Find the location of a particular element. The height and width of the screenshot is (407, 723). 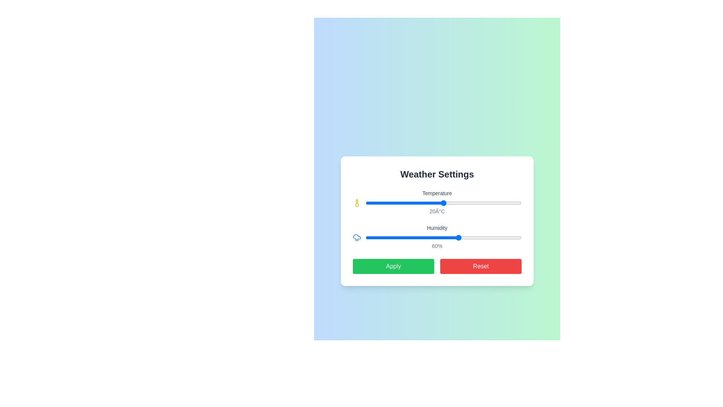

humidity is located at coordinates (390, 238).